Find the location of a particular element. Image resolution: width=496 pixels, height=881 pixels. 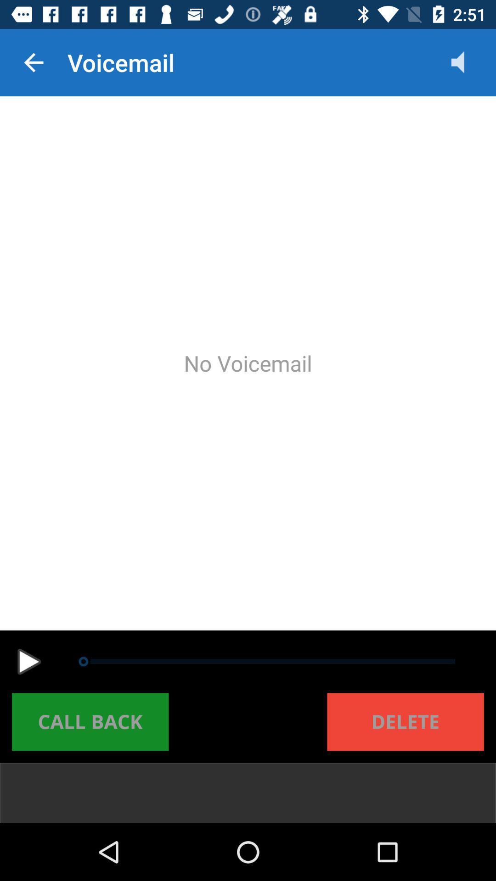

item below no voicemail is located at coordinates (28, 662).